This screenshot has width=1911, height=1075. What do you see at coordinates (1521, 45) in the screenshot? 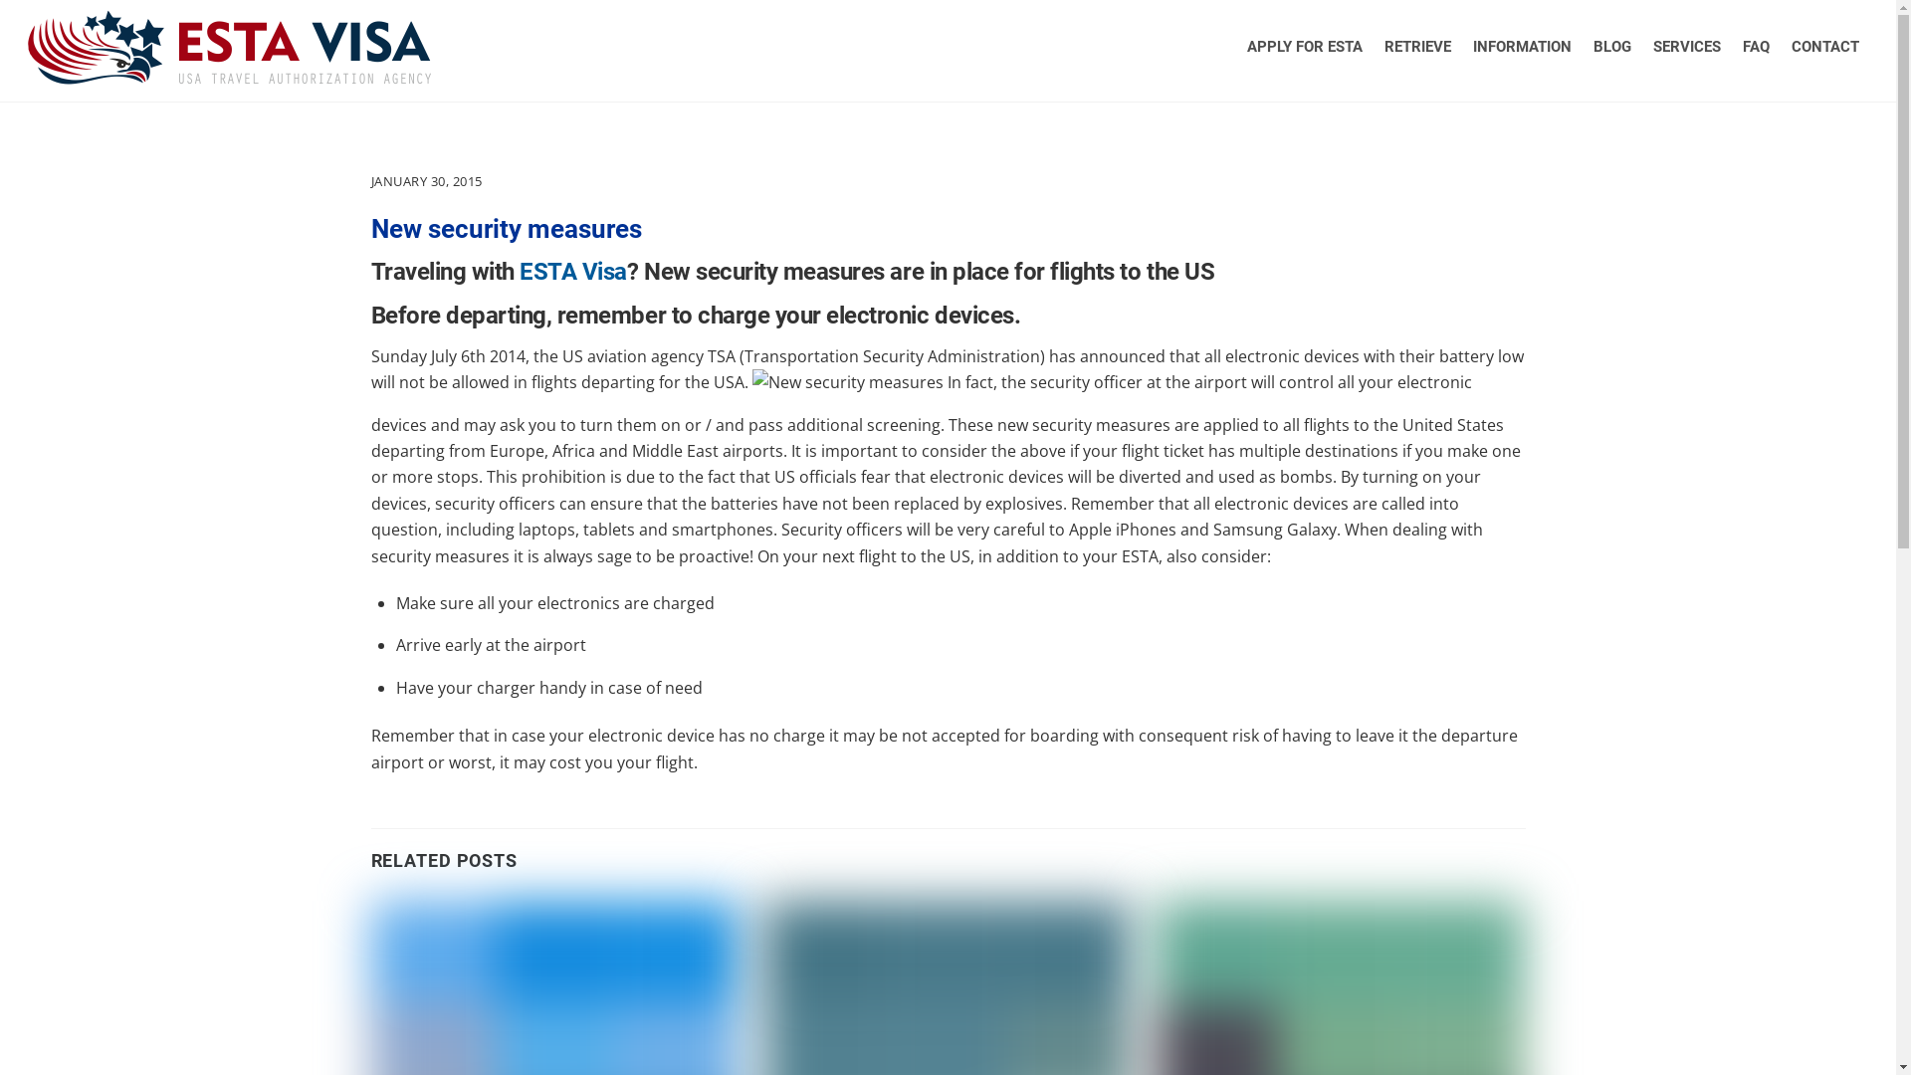
I see `'INFORMATION'` at bounding box center [1521, 45].